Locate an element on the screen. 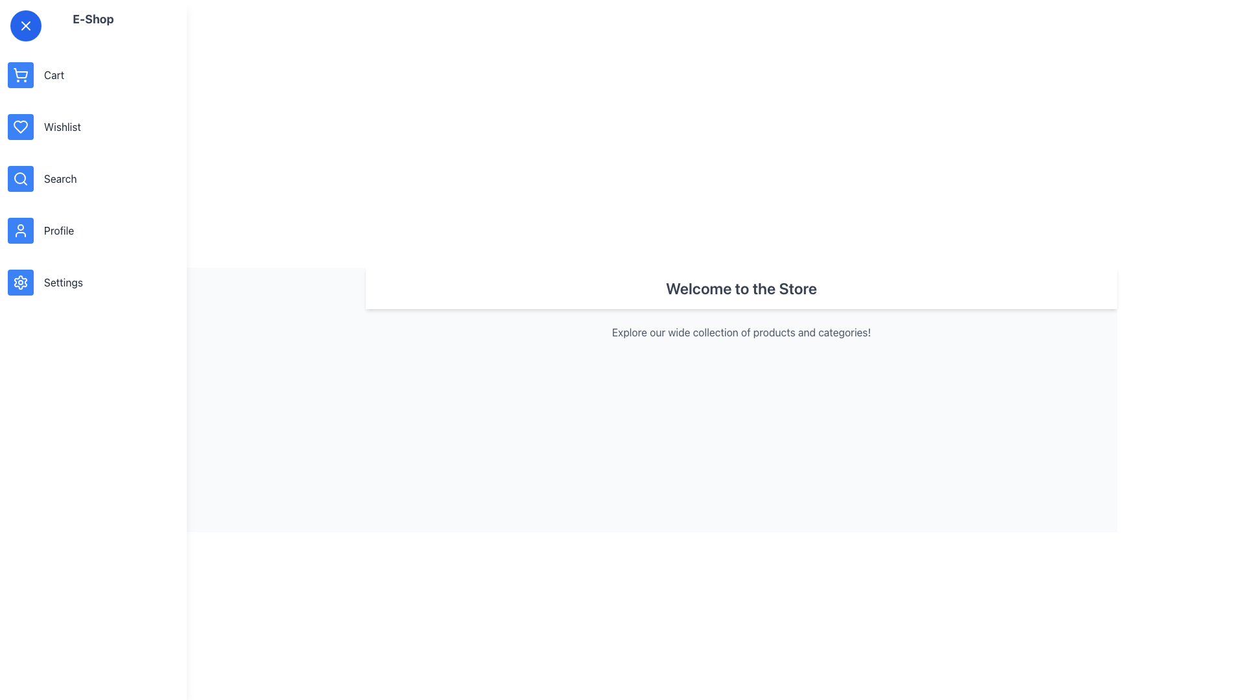  the heading text element 'Welcome to the Store' which is bold, semibold, and gray, located in the top section of the main content area is located at coordinates (741, 287).